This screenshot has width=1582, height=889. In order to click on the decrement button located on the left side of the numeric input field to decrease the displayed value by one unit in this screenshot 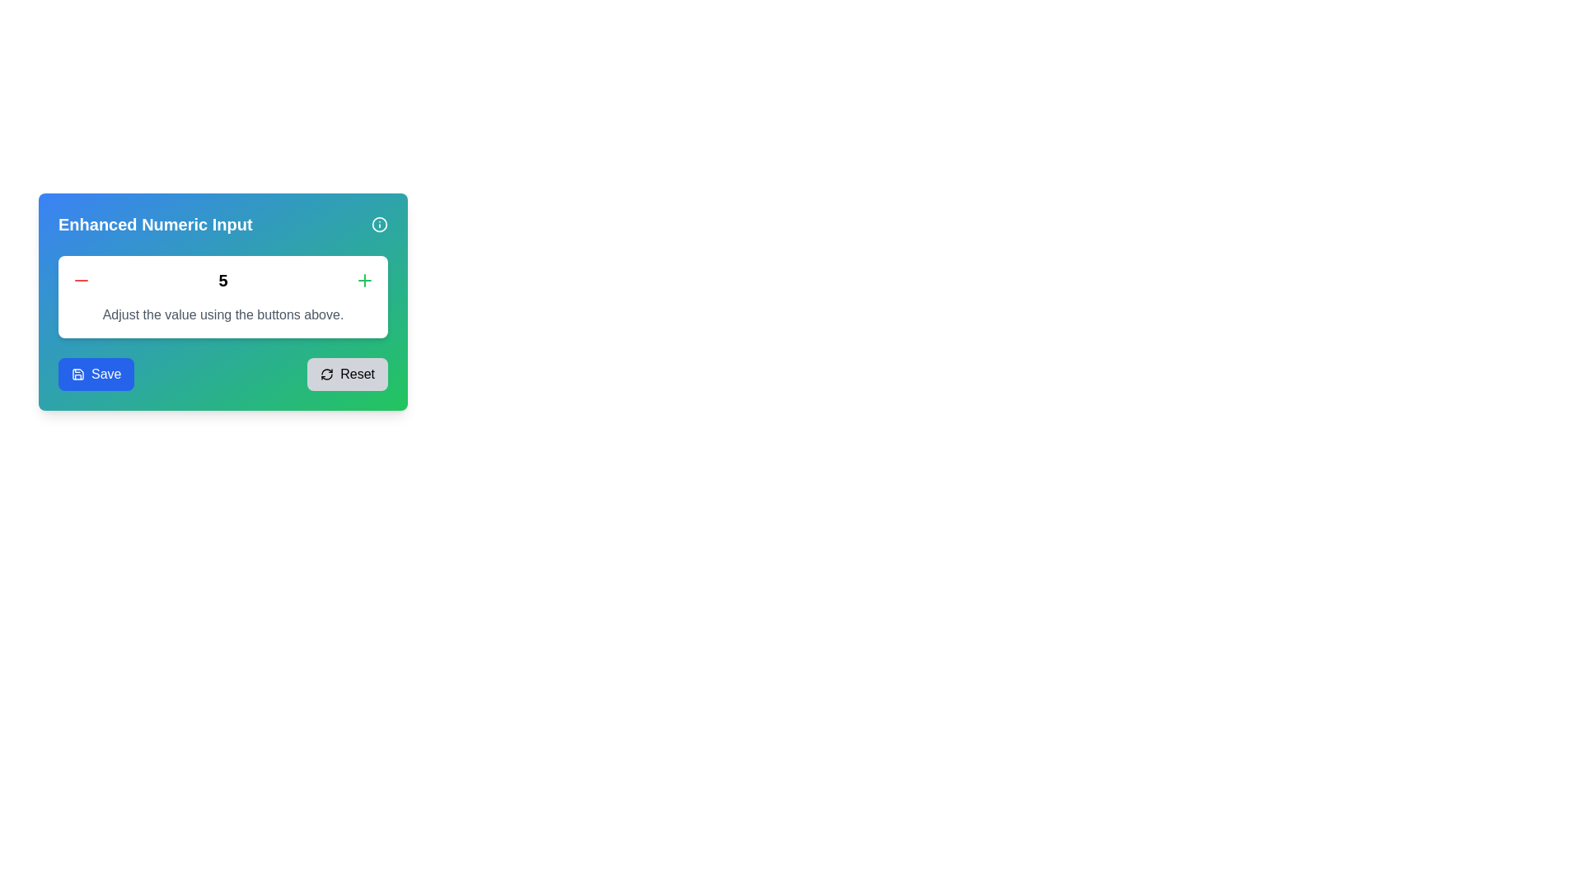, I will do `click(81, 279)`.